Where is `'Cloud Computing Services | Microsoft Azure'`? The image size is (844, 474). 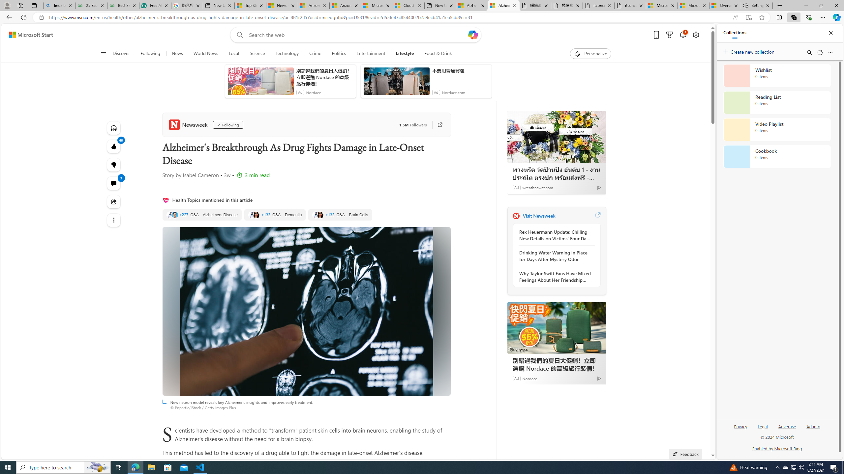 'Cloud Computing Services | Microsoft Azure' is located at coordinates (408, 5).